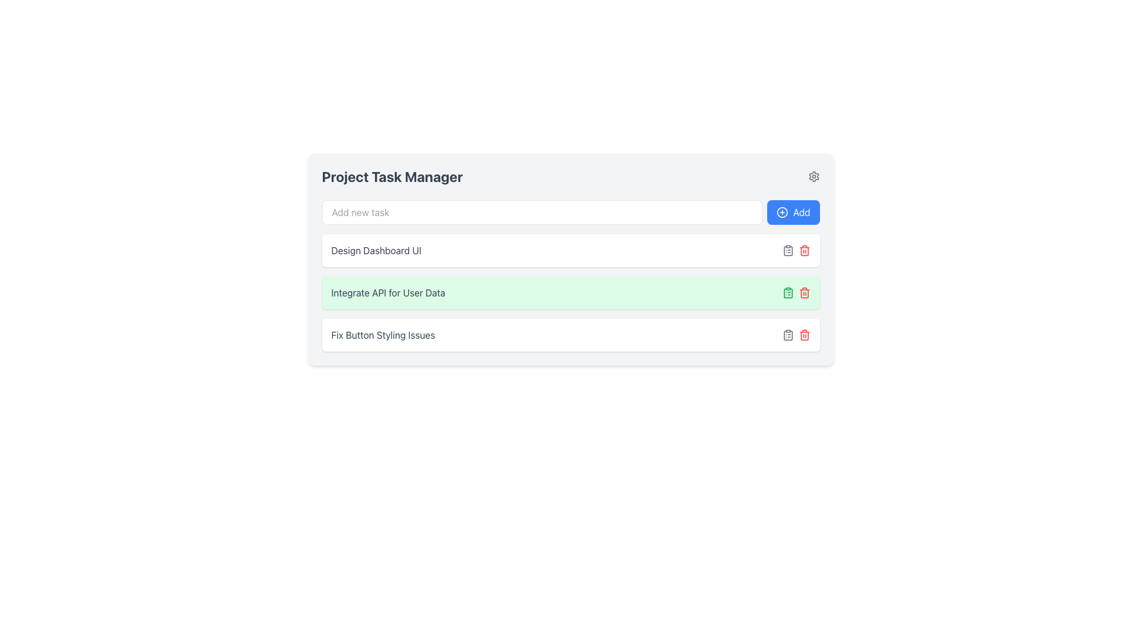 This screenshot has width=1127, height=634. What do you see at coordinates (804, 335) in the screenshot?
I see `the red trash can icon` at bounding box center [804, 335].